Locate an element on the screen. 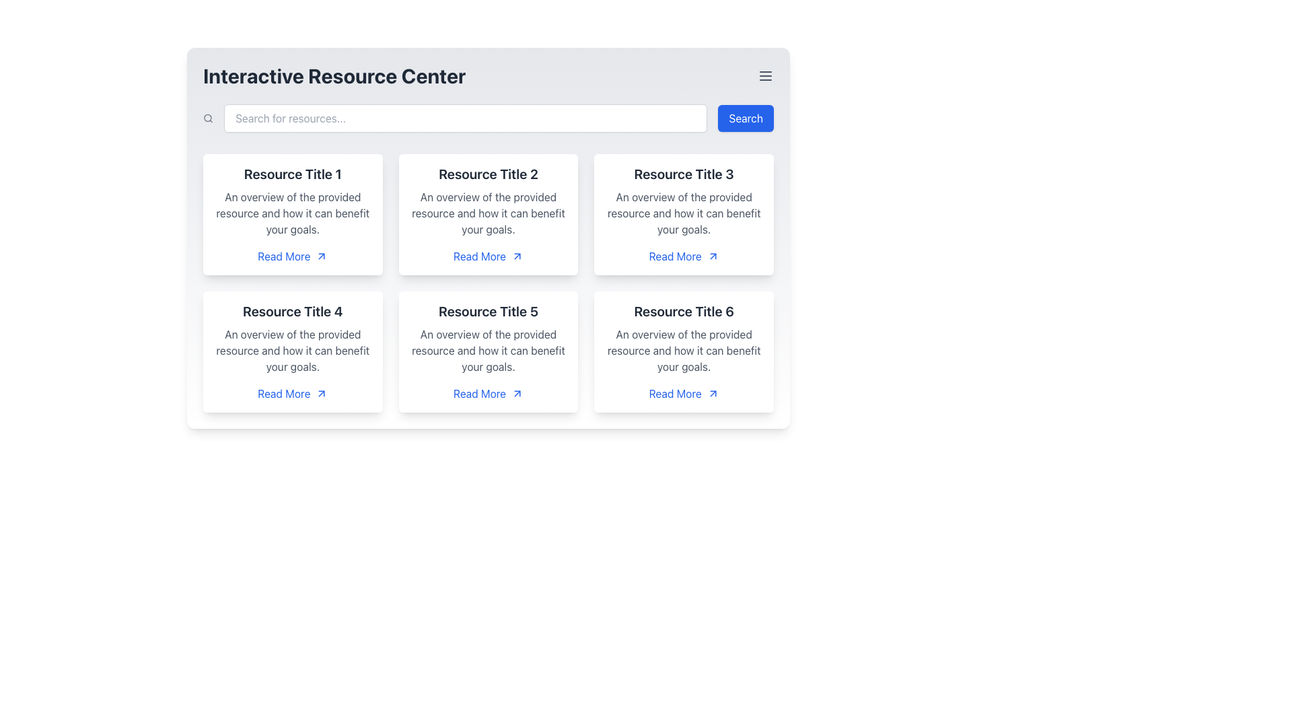 This screenshot has width=1292, height=727. informational text content located below 'Resource Title 3' and above the 'Read More' link in the upper-right corner of the grid layout is located at coordinates (684, 212).